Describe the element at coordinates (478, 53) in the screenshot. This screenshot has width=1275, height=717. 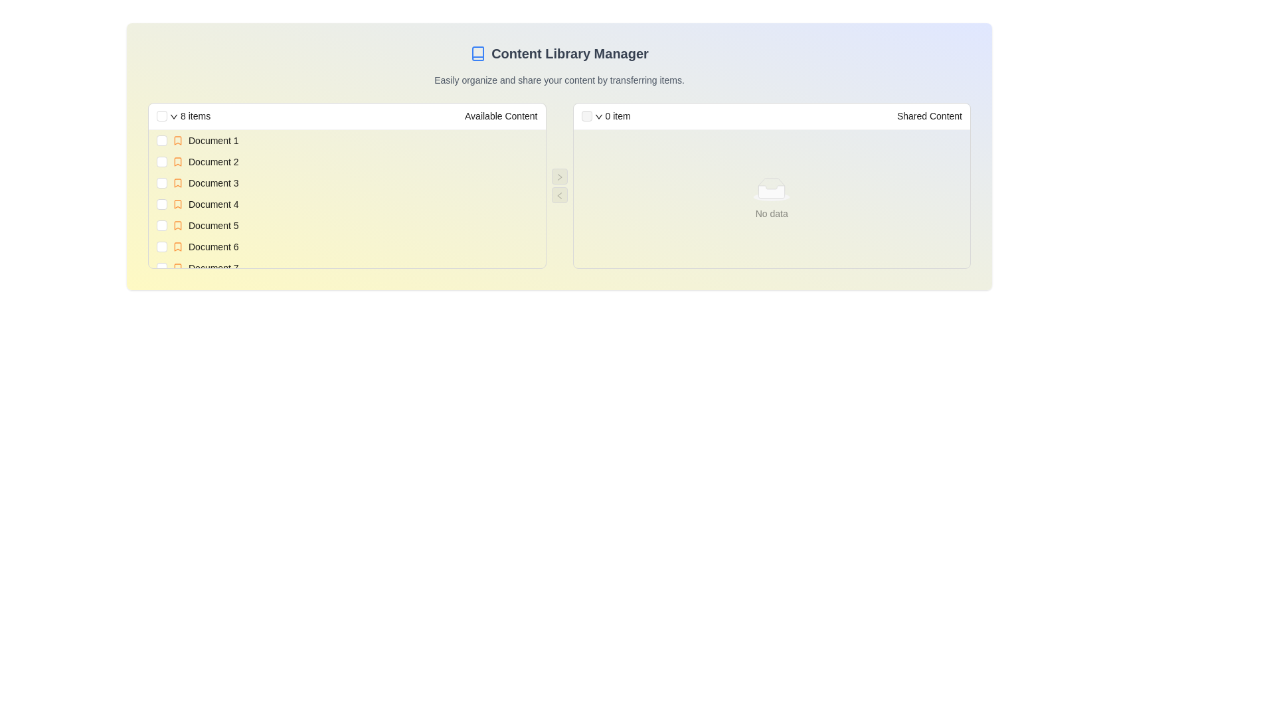
I see `the book icon with a blue outline located to the left of the 'Content Library Manager' title in the header section` at that location.